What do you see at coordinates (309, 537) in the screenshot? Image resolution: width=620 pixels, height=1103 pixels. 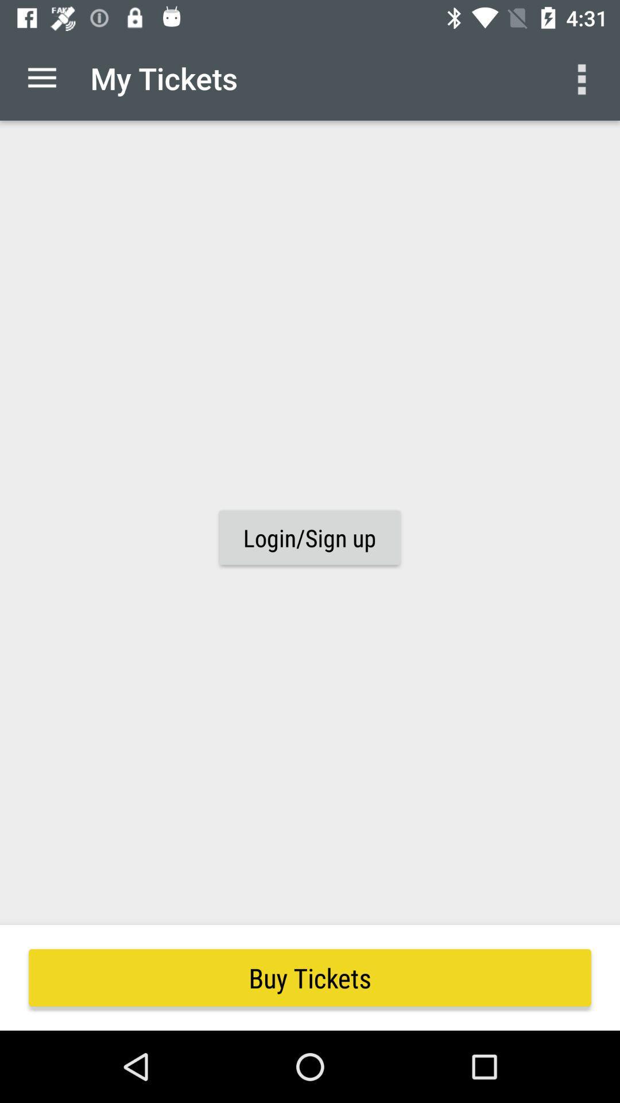 I see `login/sign up item` at bounding box center [309, 537].